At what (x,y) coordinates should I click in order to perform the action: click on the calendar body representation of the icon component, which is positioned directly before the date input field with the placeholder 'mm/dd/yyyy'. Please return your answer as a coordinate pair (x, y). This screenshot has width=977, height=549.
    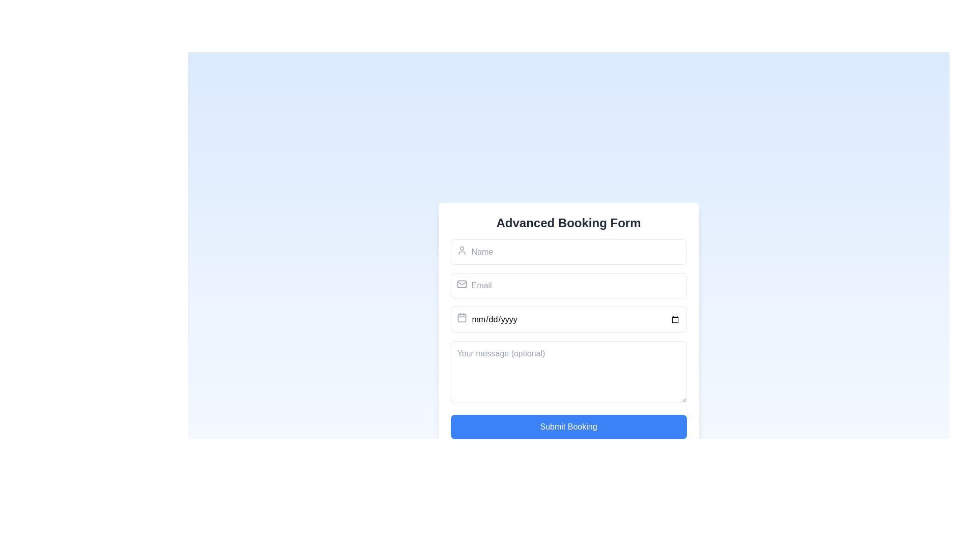
    Looking at the image, I should click on (461, 317).